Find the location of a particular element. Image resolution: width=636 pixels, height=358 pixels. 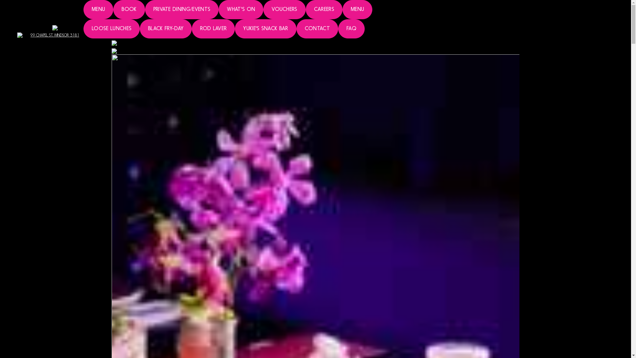

'CONTACT' is located at coordinates (317, 29).